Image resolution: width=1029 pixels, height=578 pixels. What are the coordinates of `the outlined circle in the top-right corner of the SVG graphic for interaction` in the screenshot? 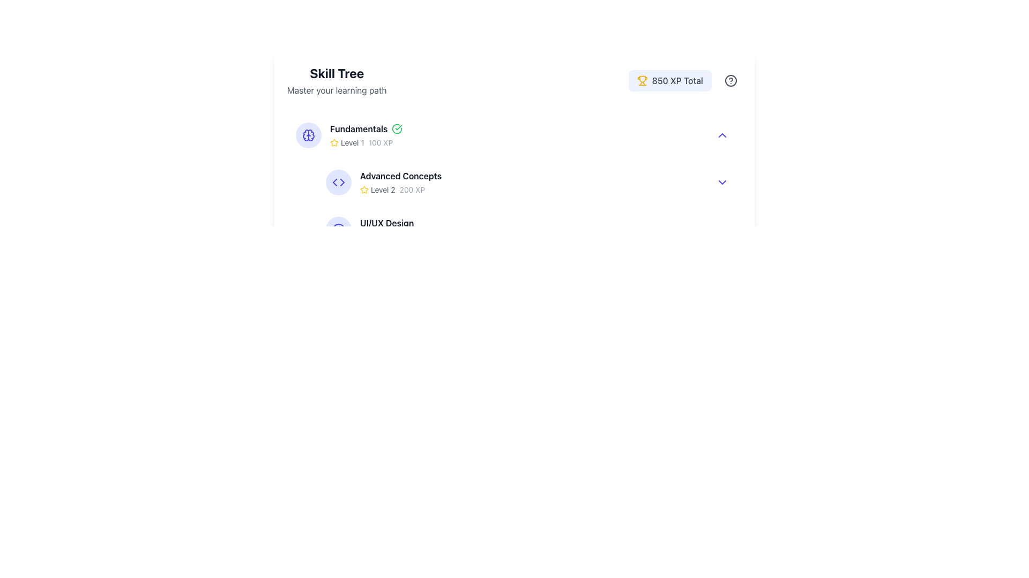 It's located at (730, 80).